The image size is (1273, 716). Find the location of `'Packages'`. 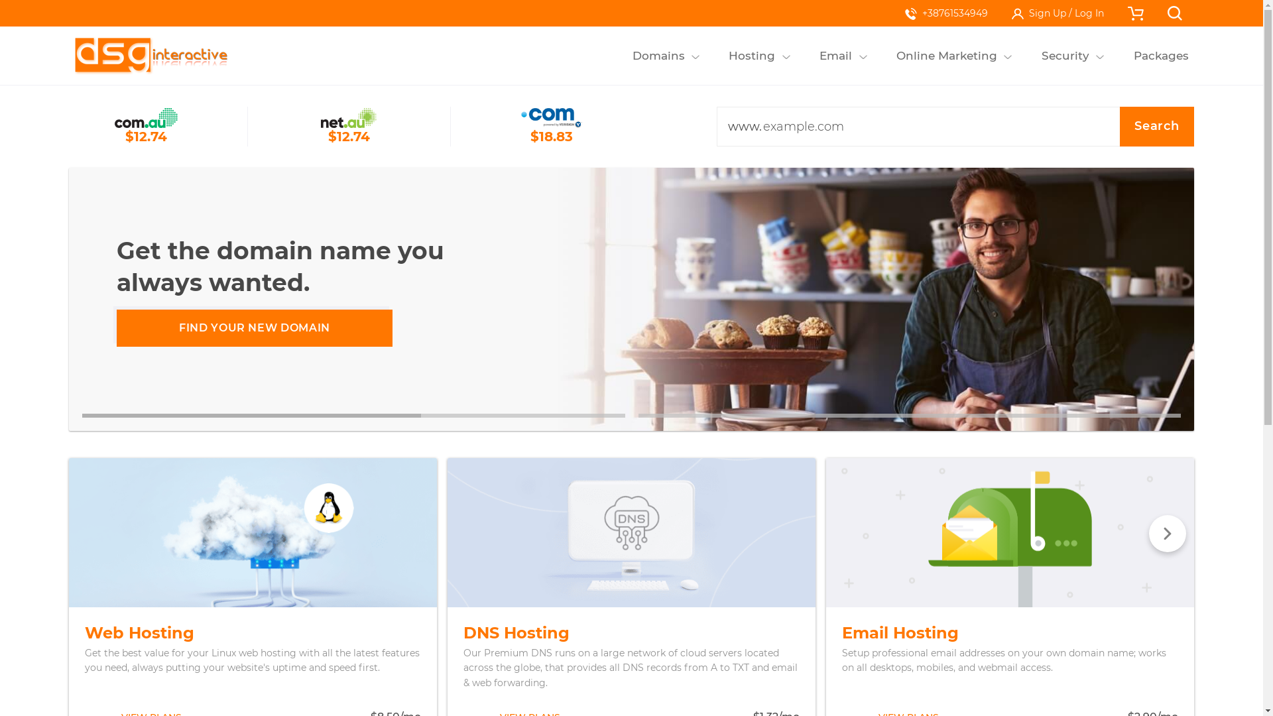

'Packages' is located at coordinates (1160, 55).